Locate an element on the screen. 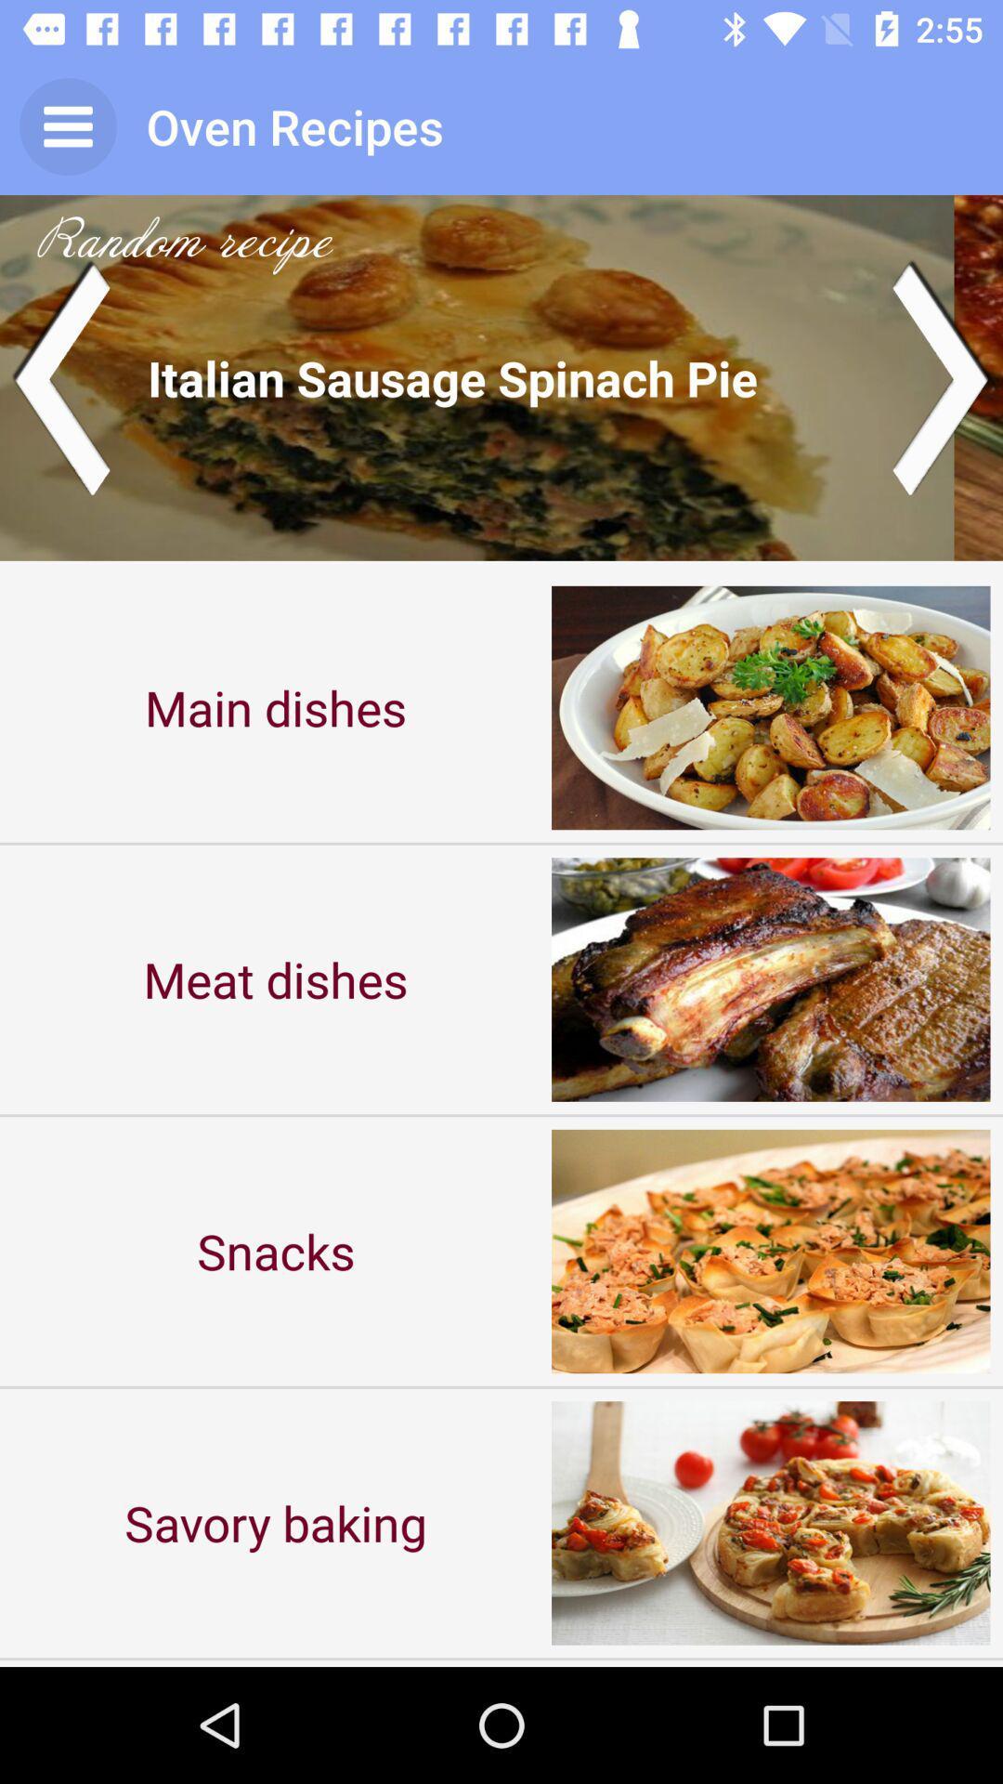 The width and height of the screenshot is (1003, 1784). go next is located at coordinates (942, 376).